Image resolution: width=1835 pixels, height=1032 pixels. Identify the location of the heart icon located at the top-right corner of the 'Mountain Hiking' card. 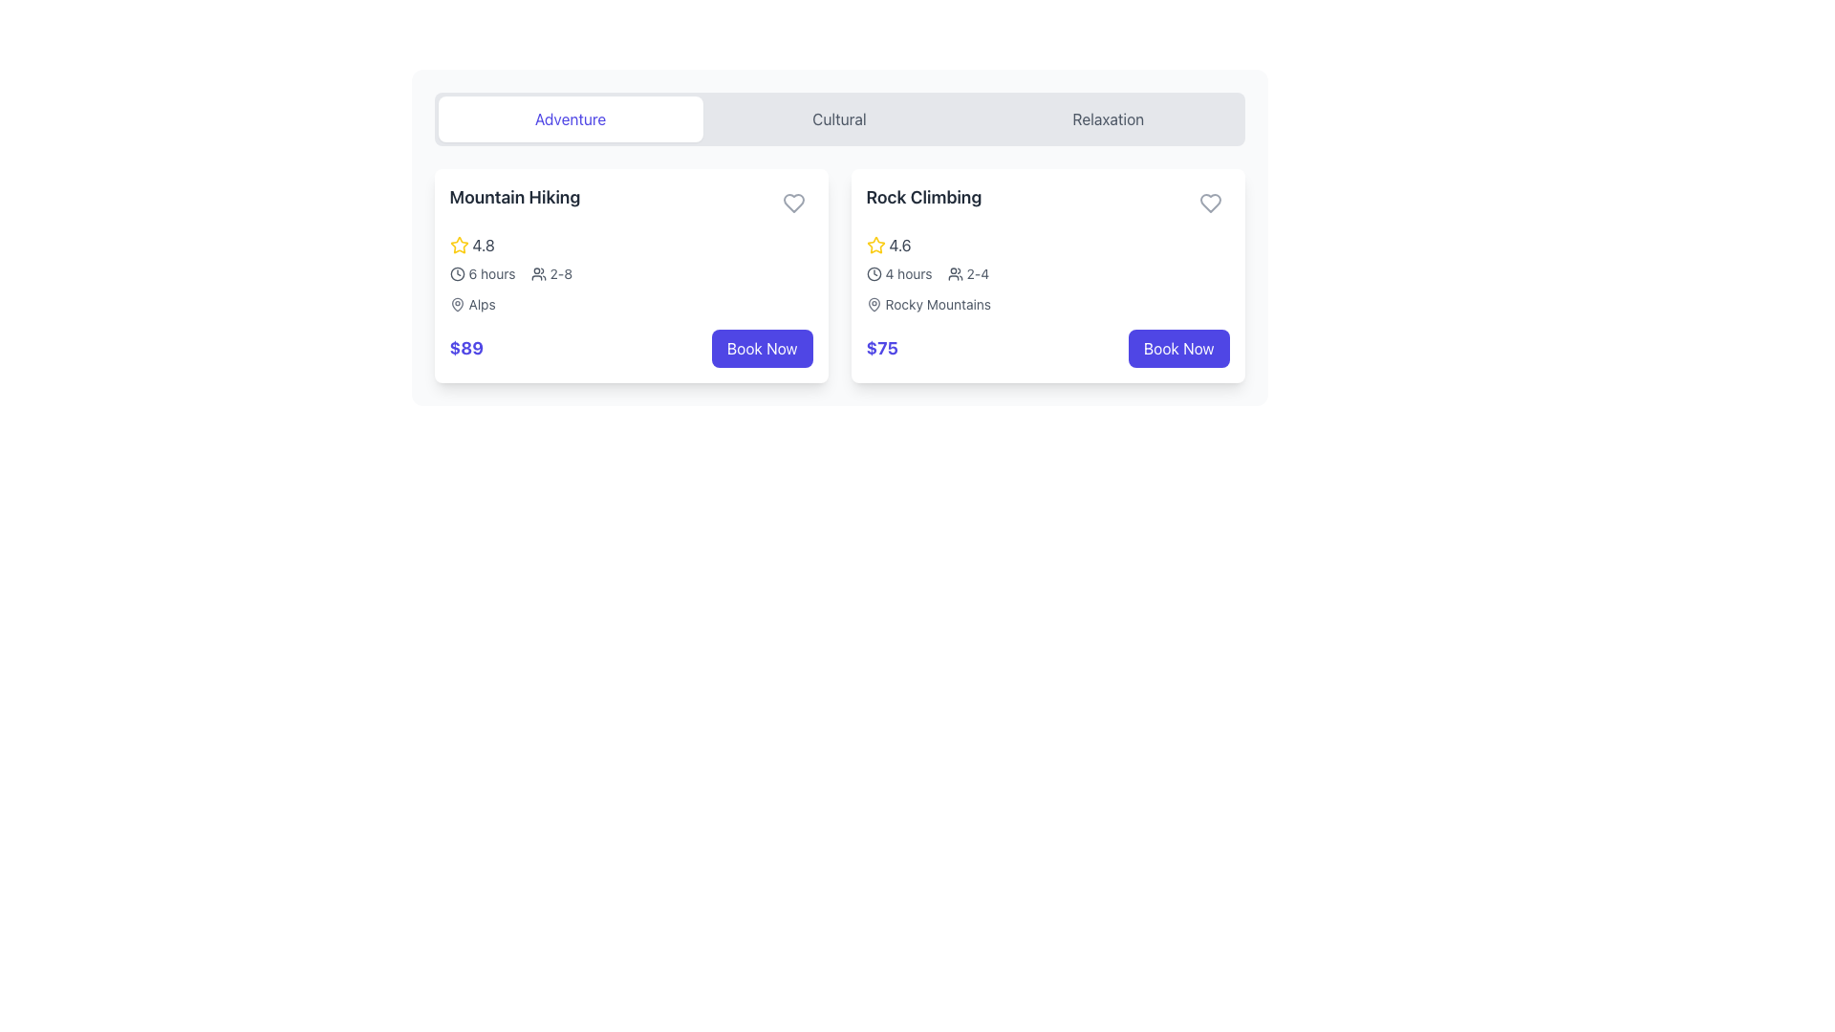
(793, 203).